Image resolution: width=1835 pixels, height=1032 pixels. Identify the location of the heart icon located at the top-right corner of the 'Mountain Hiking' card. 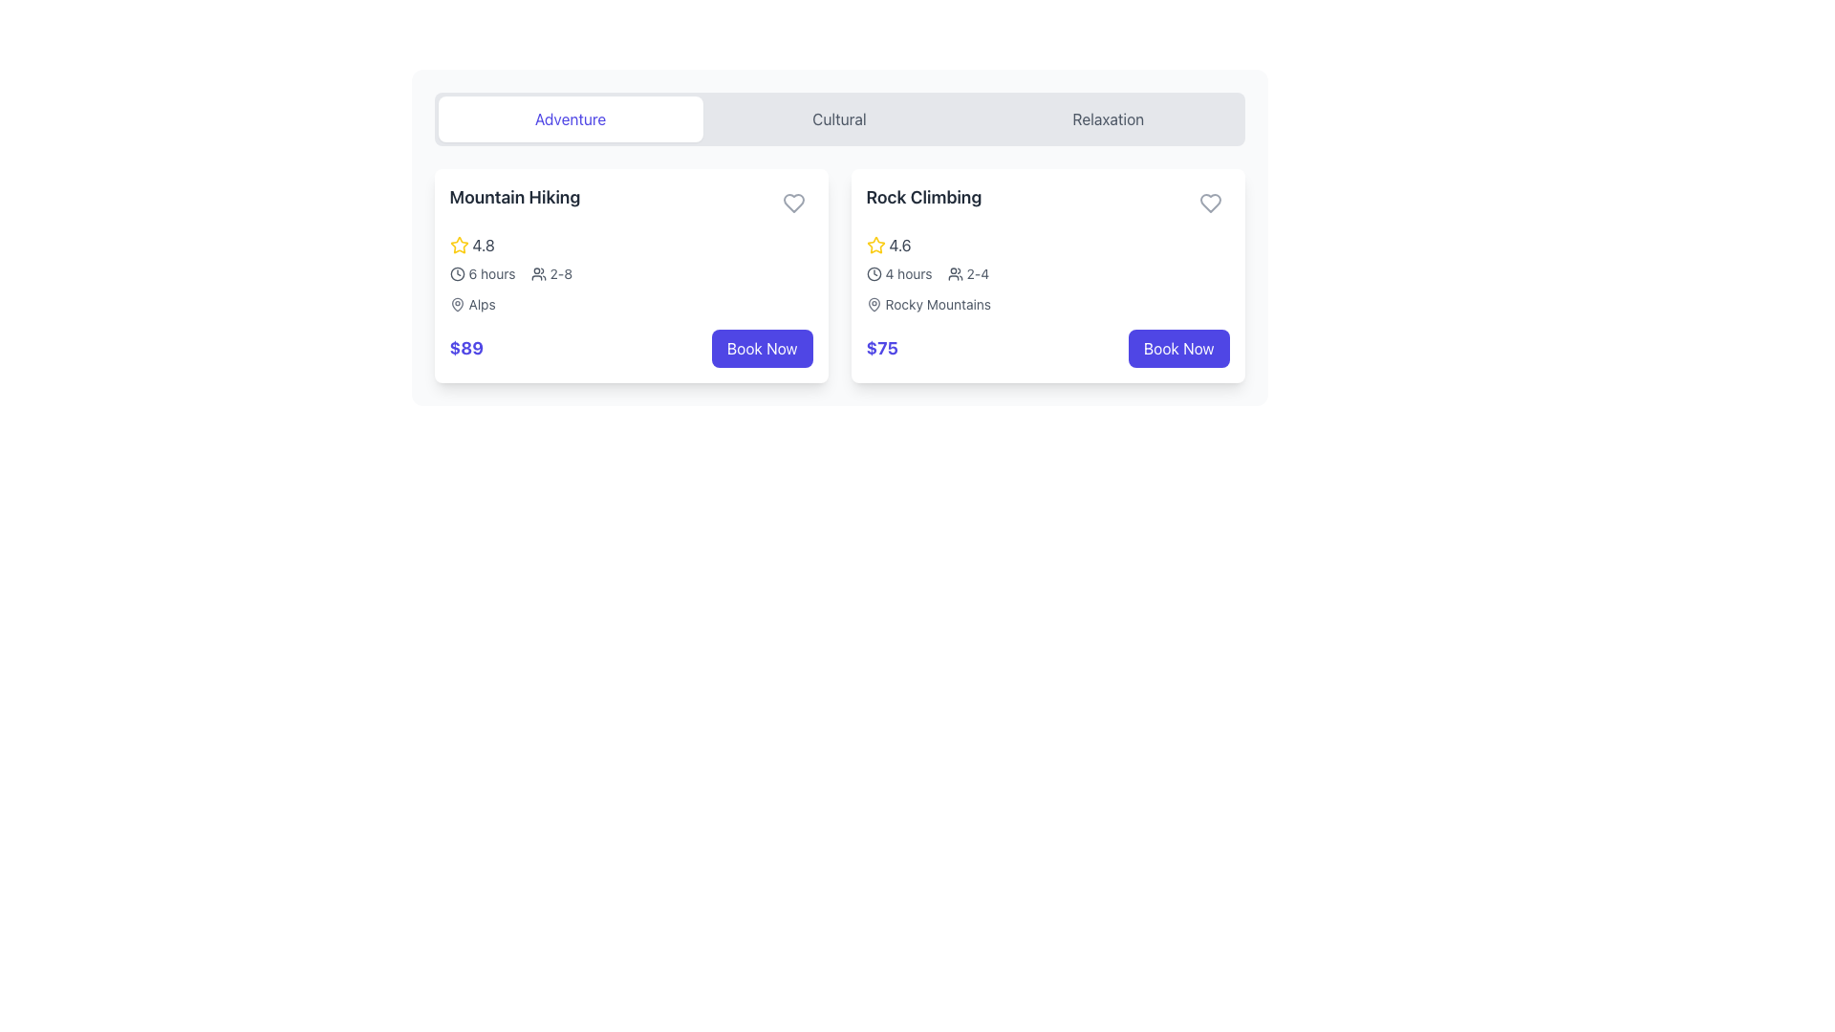
(793, 203).